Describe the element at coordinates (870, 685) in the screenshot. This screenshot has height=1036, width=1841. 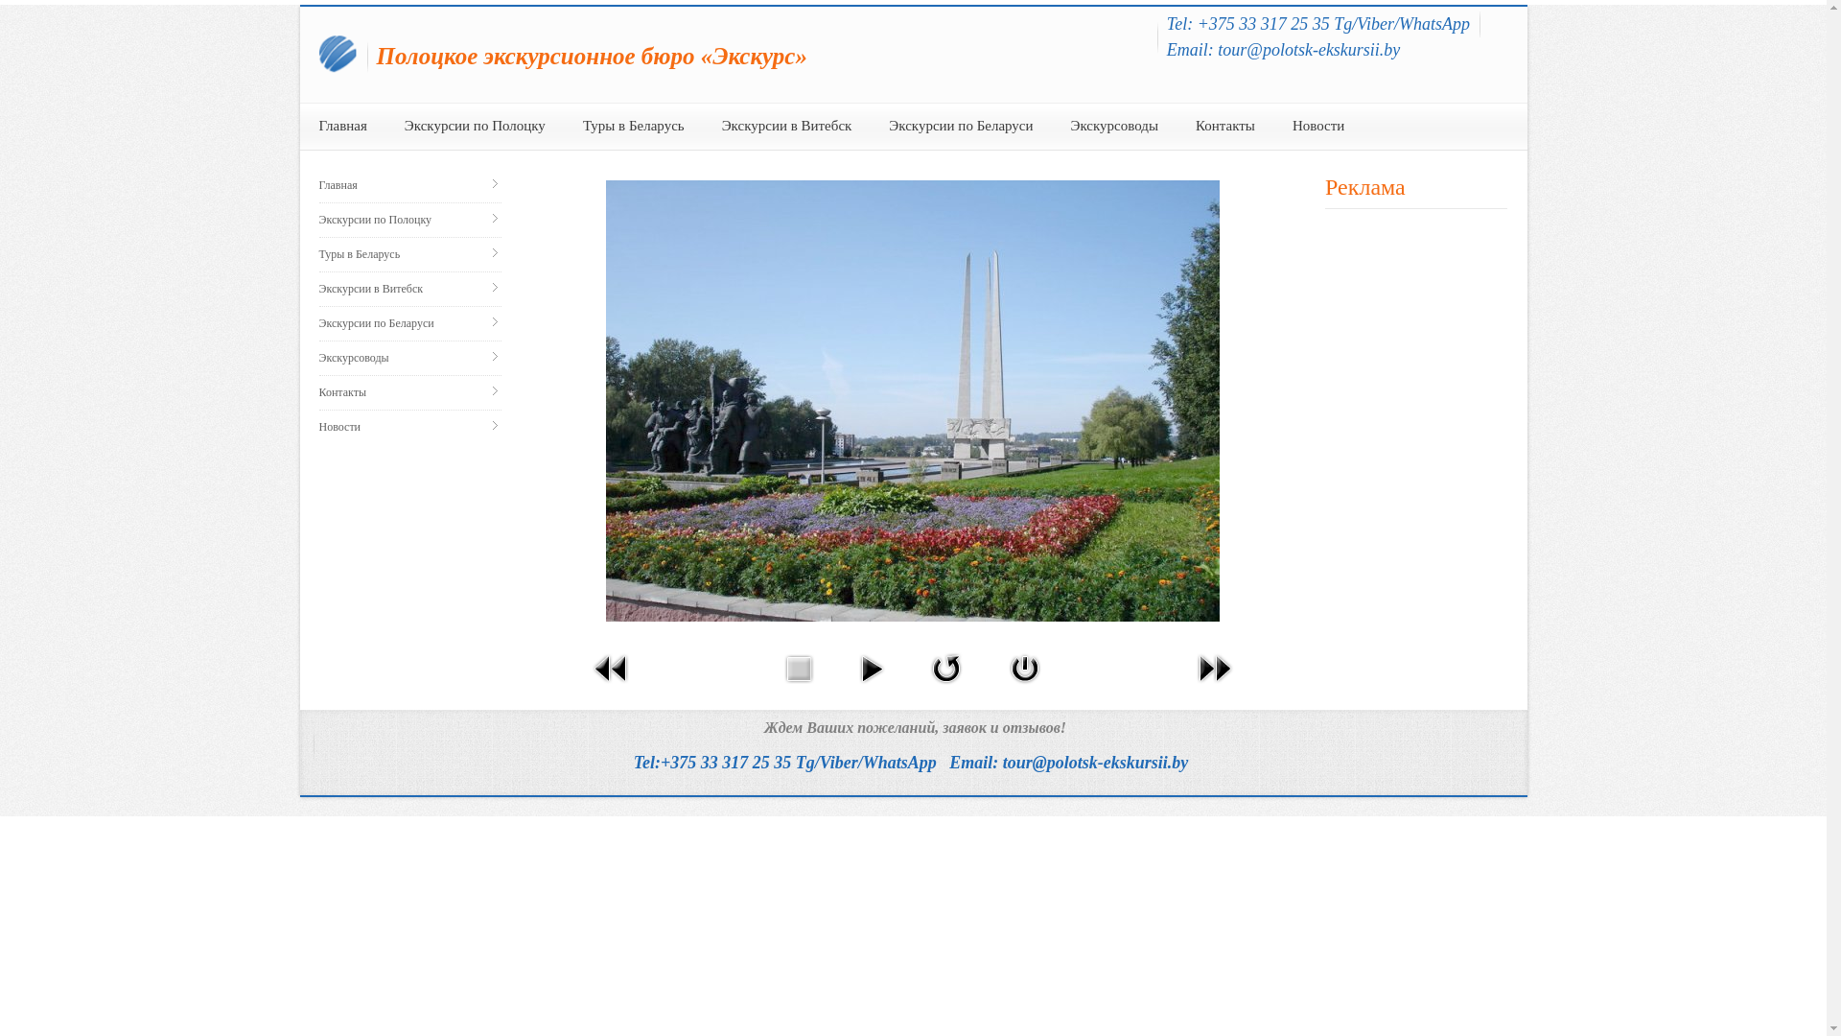
I see `'Start Slideshow'` at that location.